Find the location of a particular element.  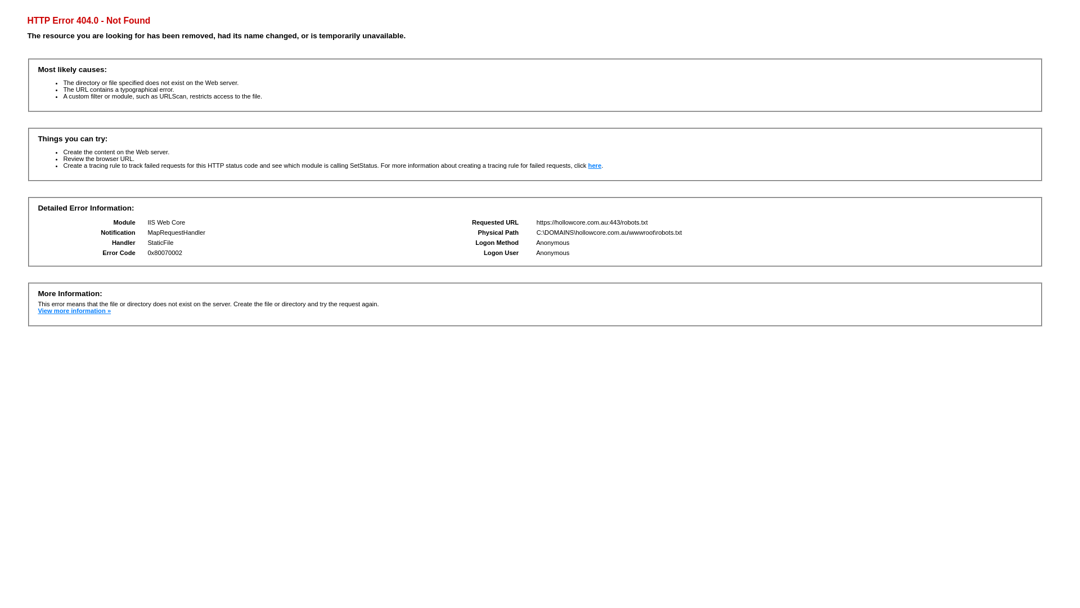

'here' is located at coordinates (588, 165).